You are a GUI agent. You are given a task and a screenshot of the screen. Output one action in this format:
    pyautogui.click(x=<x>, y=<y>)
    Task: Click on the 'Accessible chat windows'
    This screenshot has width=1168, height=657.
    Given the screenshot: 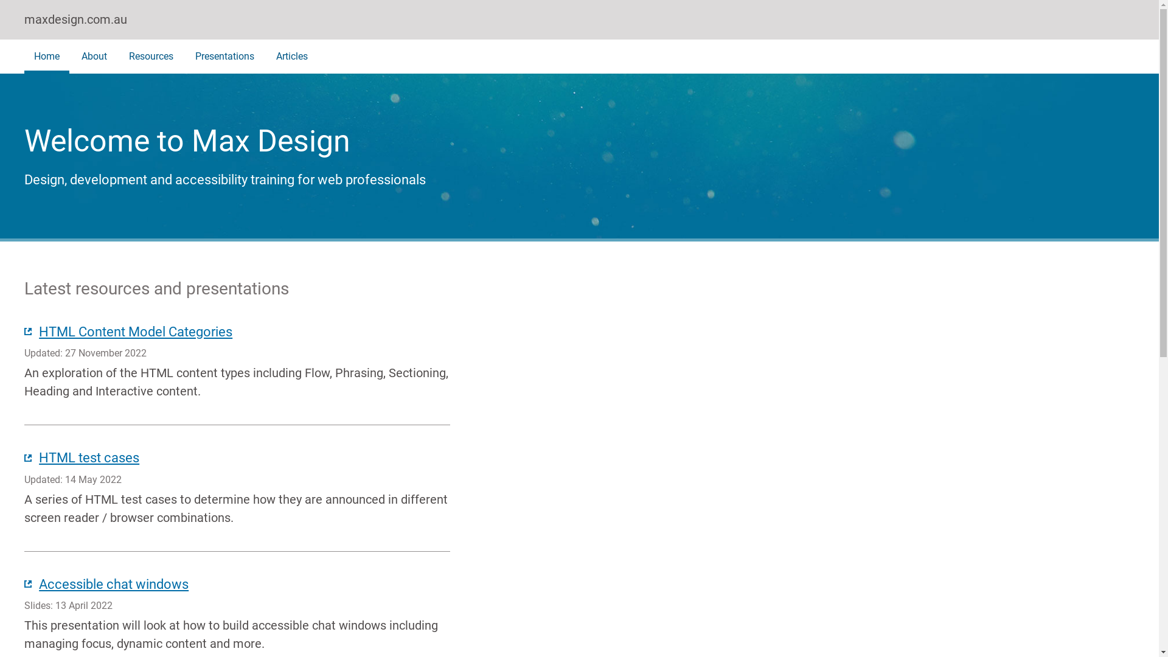 What is the action you would take?
    pyautogui.click(x=106, y=583)
    